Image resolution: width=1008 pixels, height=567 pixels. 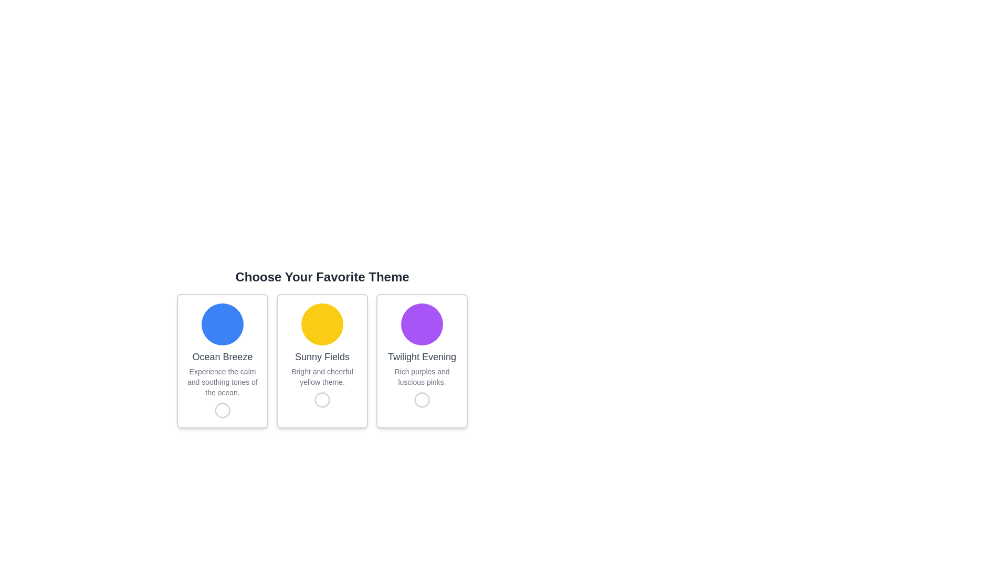 What do you see at coordinates (322, 348) in the screenshot?
I see `the bold text headline that reads 'Choose Your Favorite Theme,' which is centered above a grid of cards` at bounding box center [322, 348].